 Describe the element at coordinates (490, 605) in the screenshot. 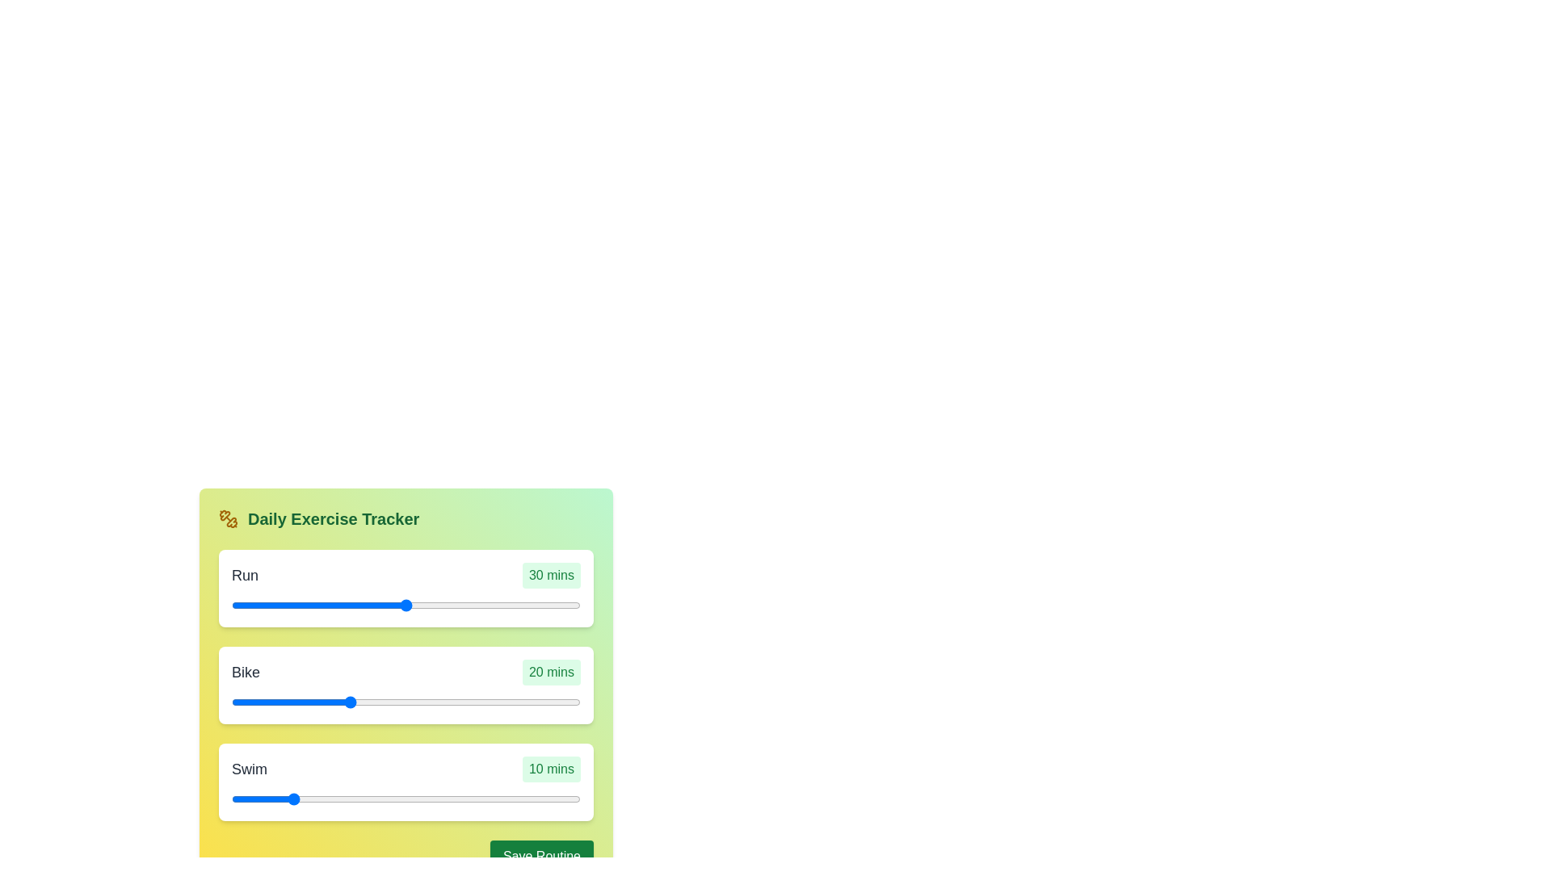

I see `the duration of the 0 slider to 29 minutes` at that location.